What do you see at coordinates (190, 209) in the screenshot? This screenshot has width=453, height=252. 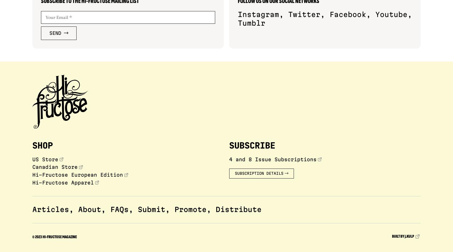 I see `'Promote'` at bounding box center [190, 209].